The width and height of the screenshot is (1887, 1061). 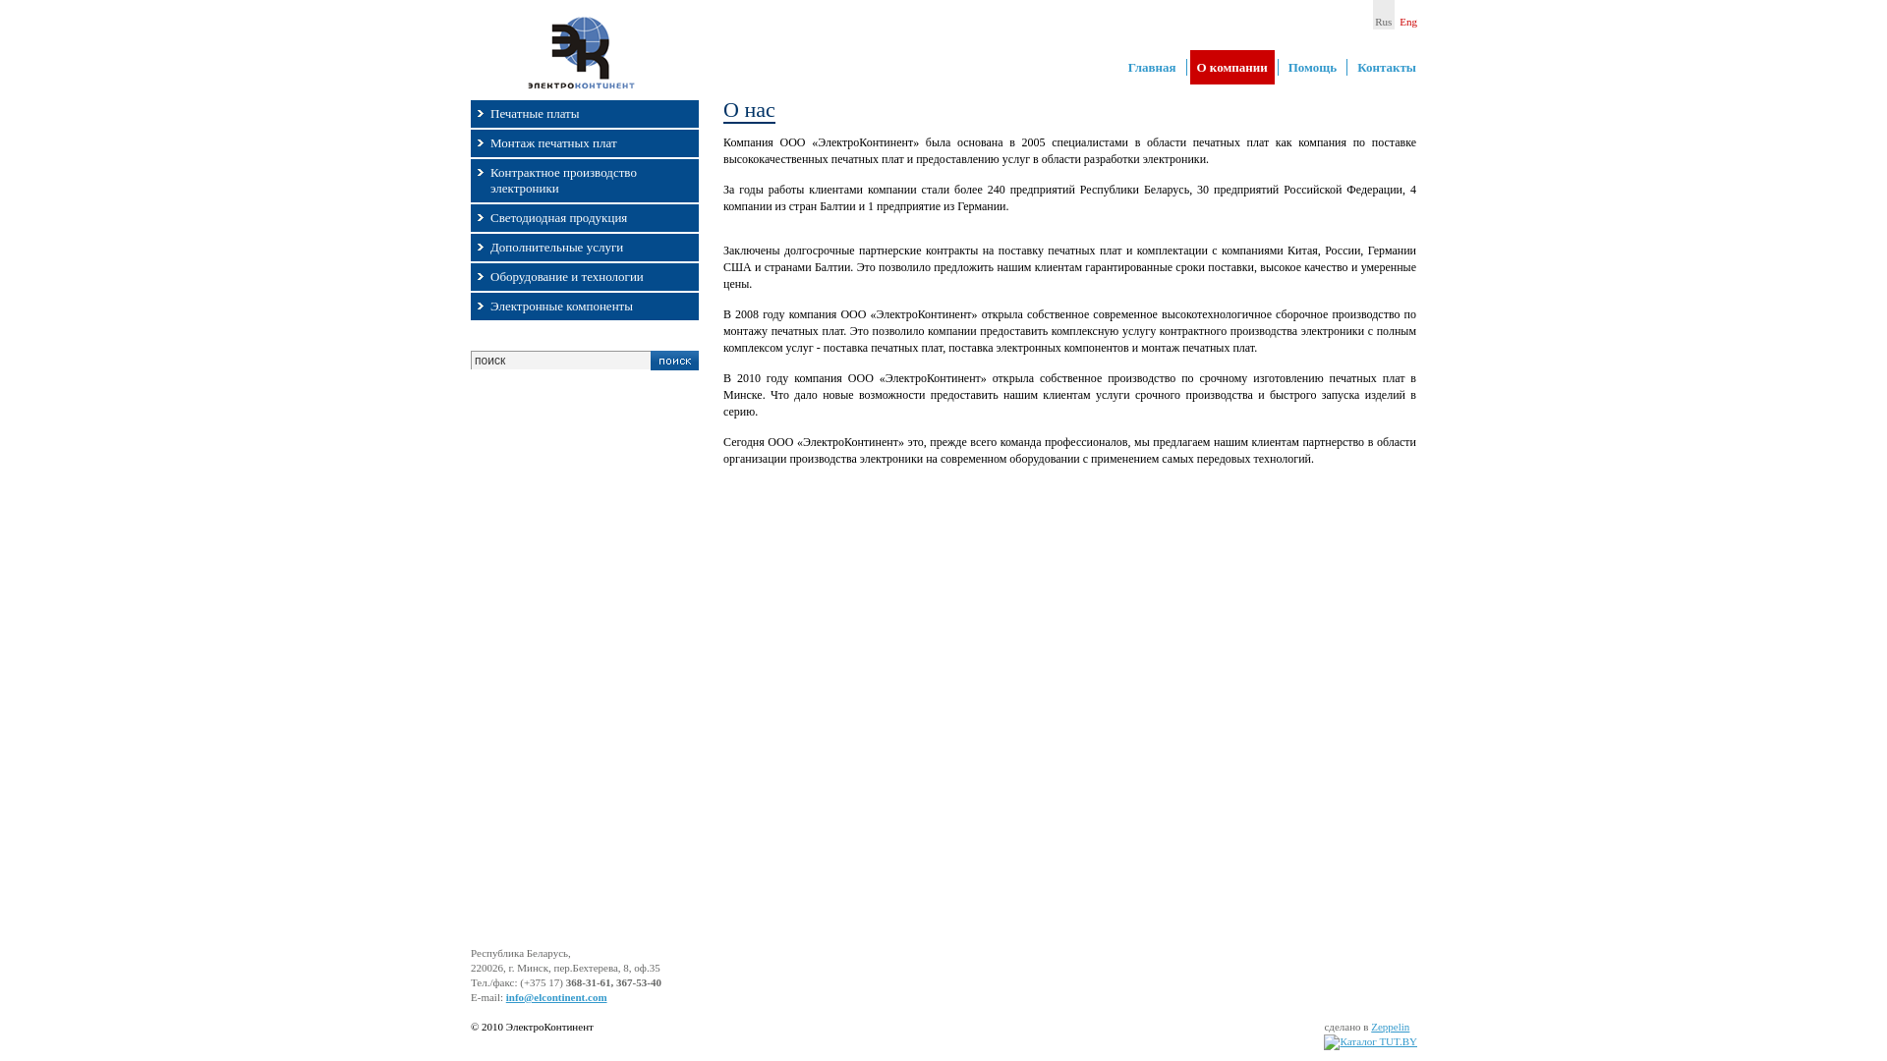 What do you see at coordinates (1389, 1026) in the screenshot?
I see `'Zeppelin'` at bounding box center [1389, 1026].